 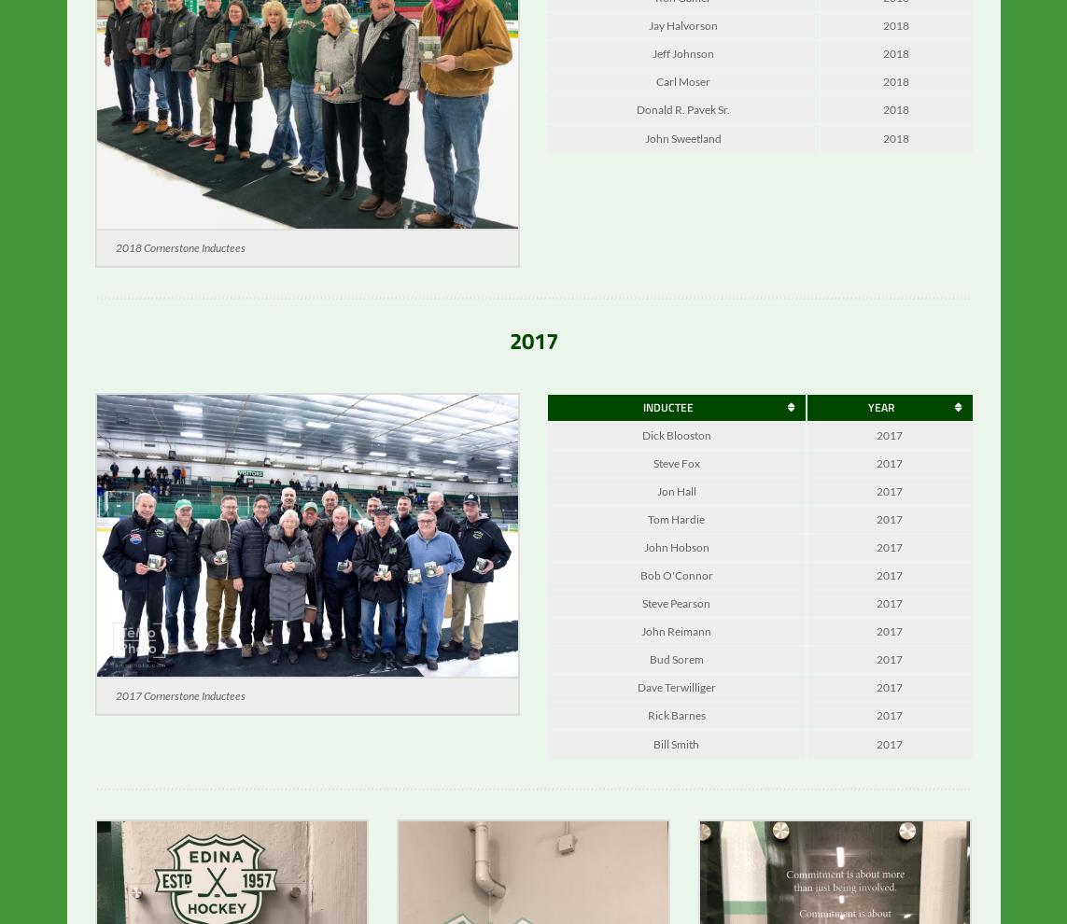 I want to click on 'Dick Blooston', so click(x=675, y=448).